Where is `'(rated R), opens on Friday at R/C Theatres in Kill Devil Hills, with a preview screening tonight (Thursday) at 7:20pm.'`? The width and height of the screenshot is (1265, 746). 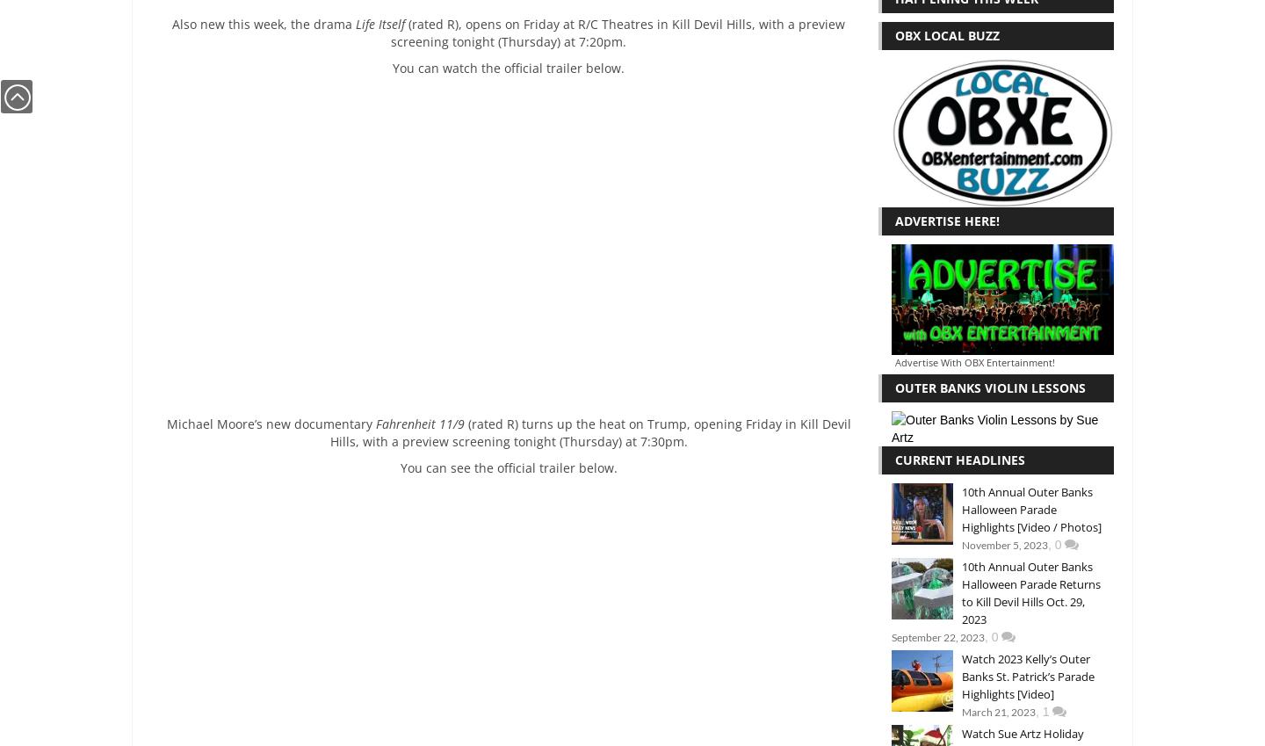
'(rated R), opens on Friday at R/C Theatres in Kill Devil Hills, with a preview screening tonight (Thursday) at 7:20pm.' is located at coordinates (618, 32).